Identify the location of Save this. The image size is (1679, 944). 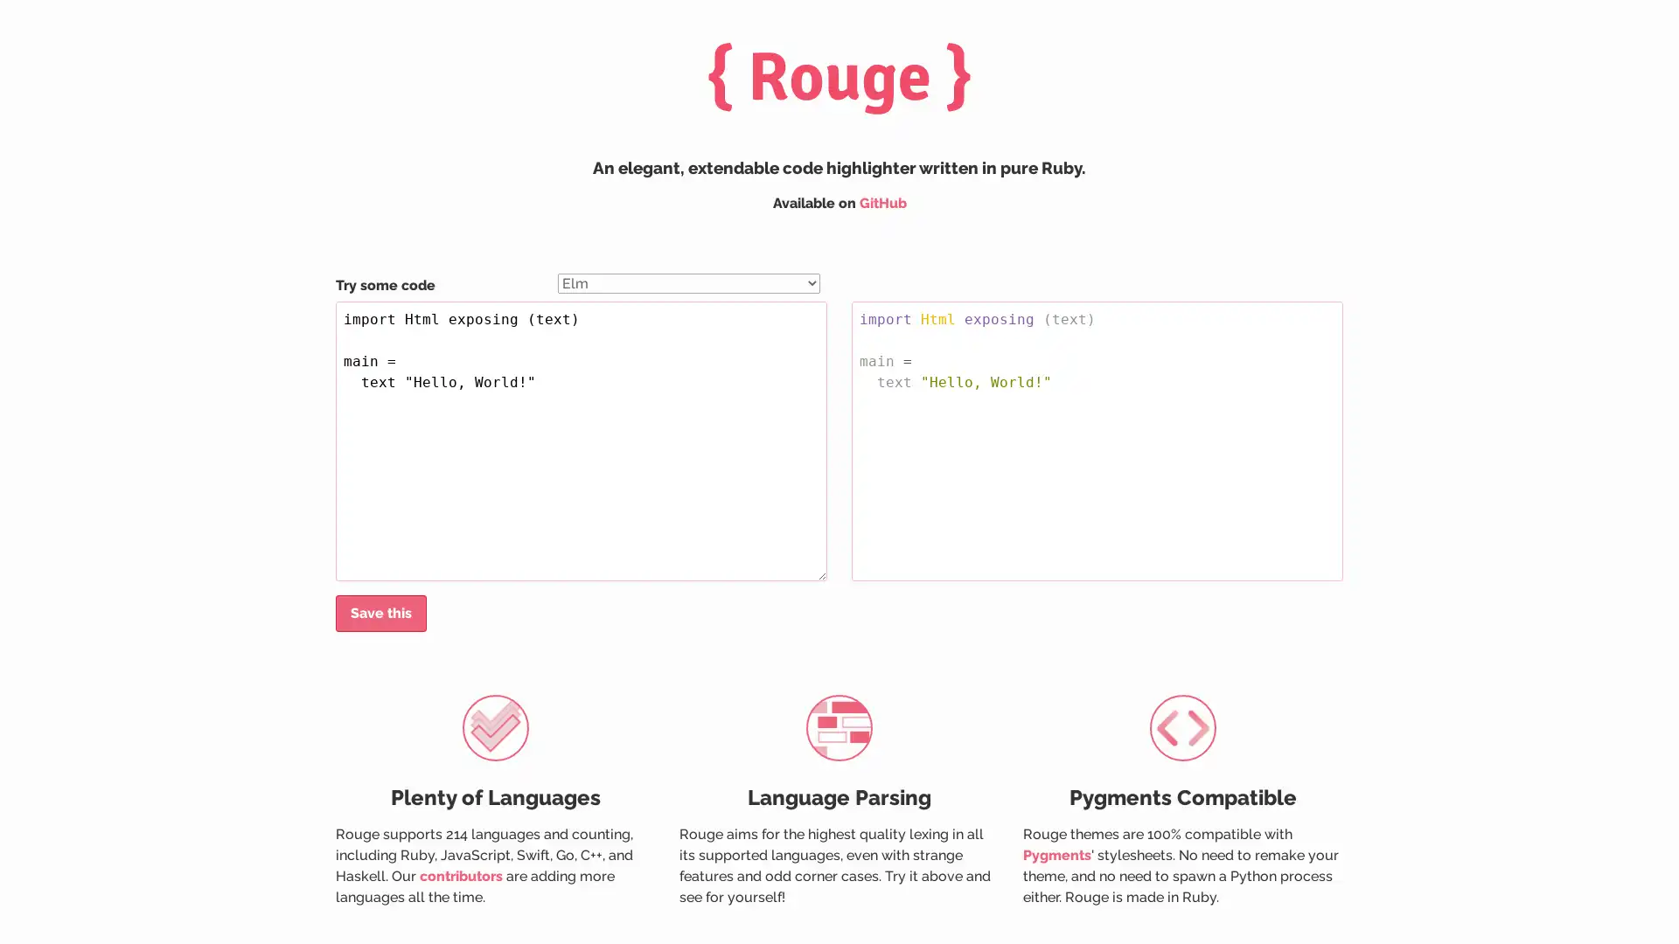
(380, 613).